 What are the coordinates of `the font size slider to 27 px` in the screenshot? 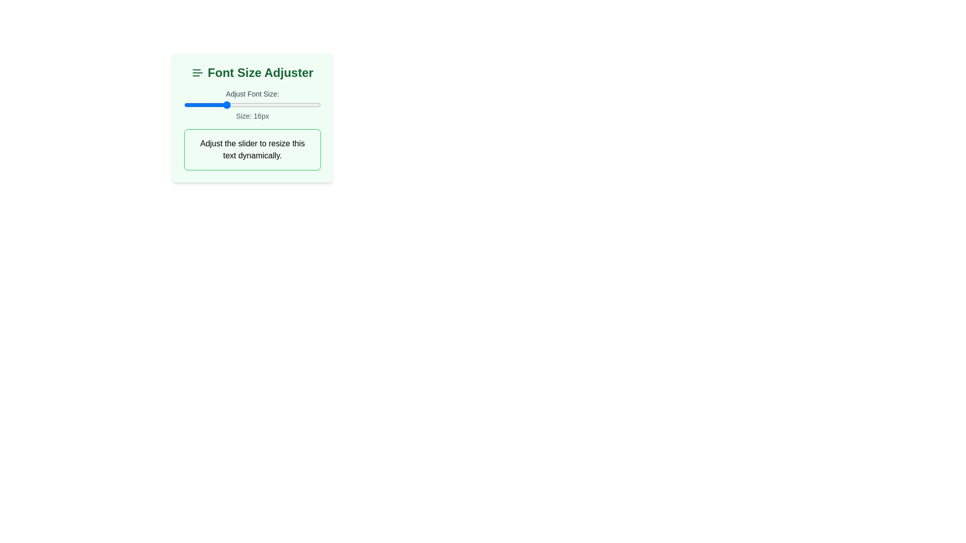 It's located at (300, 105).